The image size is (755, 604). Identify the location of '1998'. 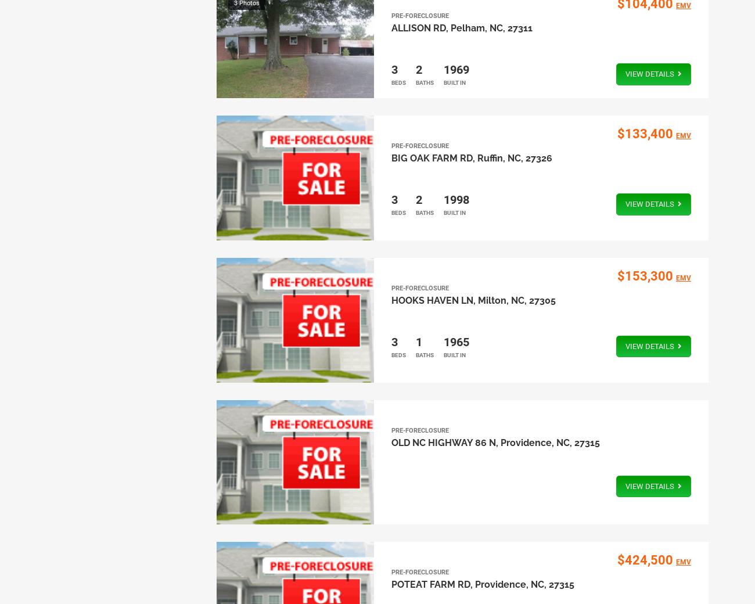
(455, 199).